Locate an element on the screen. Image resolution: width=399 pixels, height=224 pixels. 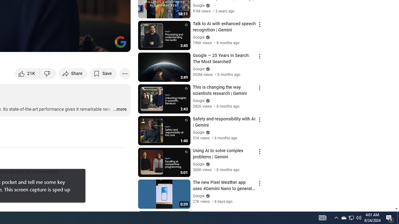
'Subtitles/closed captions unavailable' is located at coordinates (59, 44).